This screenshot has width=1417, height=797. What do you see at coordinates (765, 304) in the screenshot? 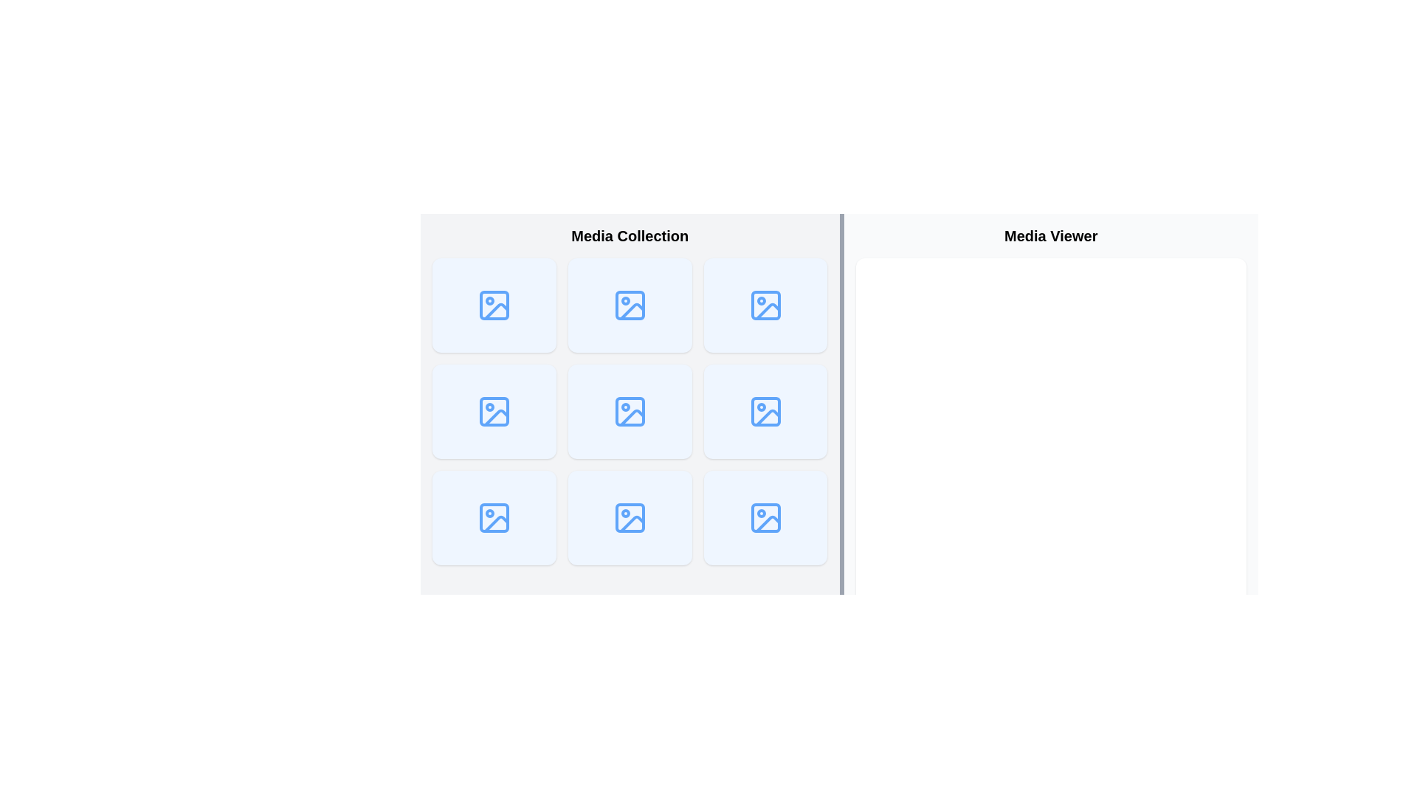
I see `the media item icon located in the third column of the second row within the 'Media Collection' section` at bounding box center [765, 304].